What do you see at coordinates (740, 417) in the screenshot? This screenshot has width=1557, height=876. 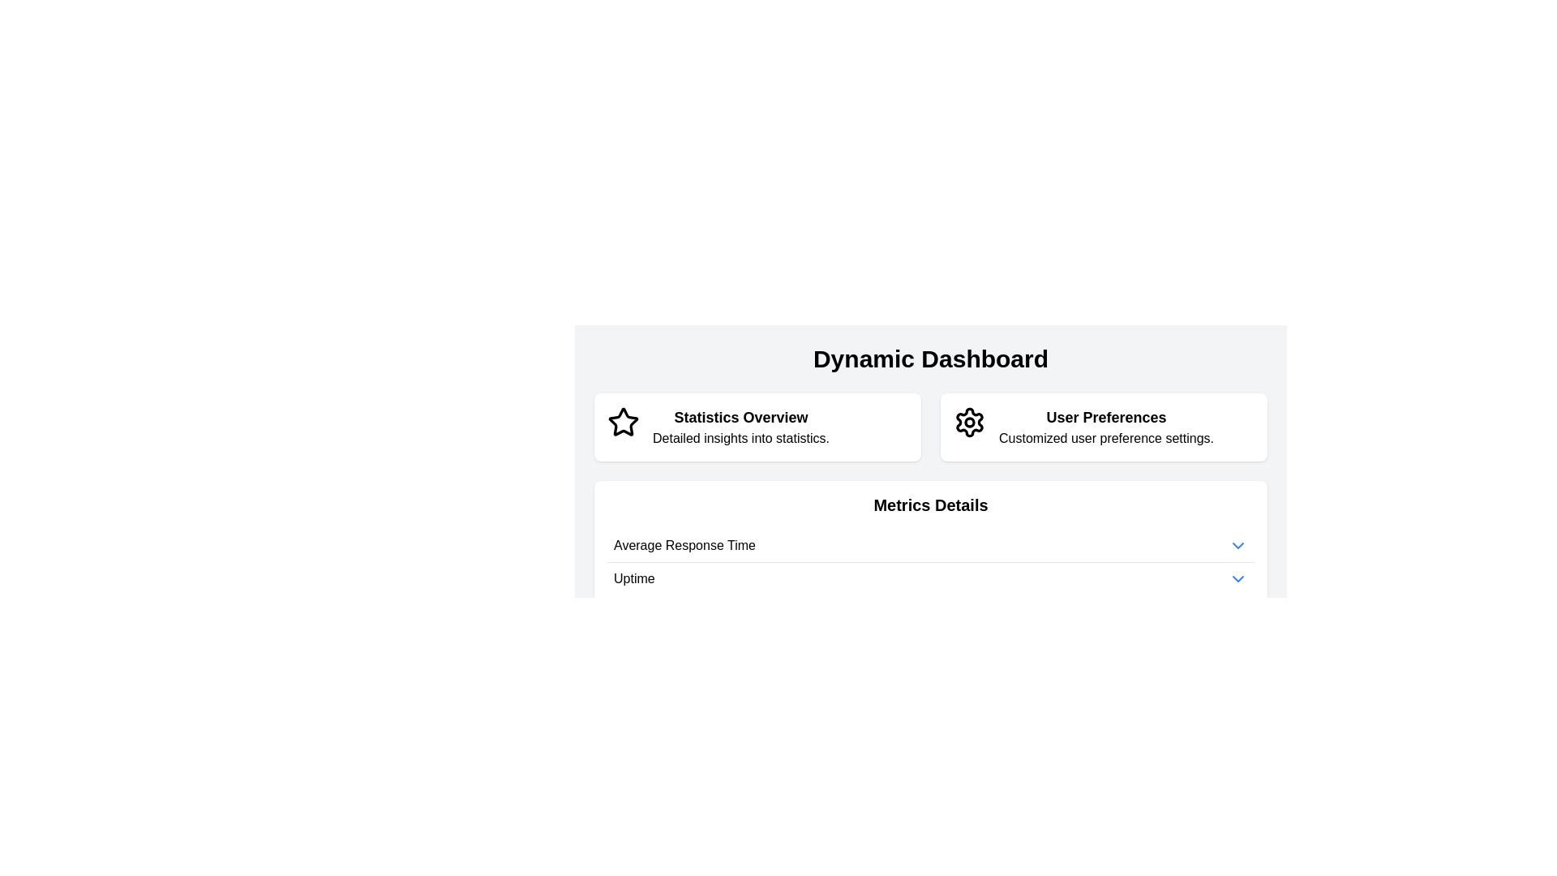 I see `text label titled 'Statistics Overview' which is styled in bold and prominently positioned as a header within the interface` at bounding box center [740, 417].